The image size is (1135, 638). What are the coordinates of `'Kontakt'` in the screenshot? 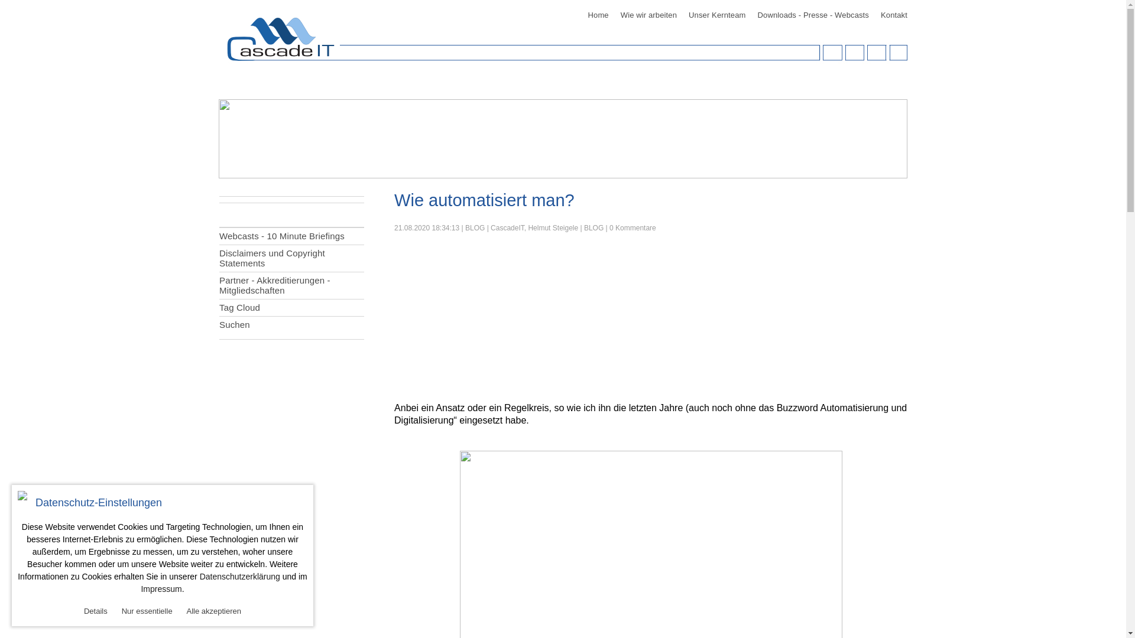 It's located at (894, 15).